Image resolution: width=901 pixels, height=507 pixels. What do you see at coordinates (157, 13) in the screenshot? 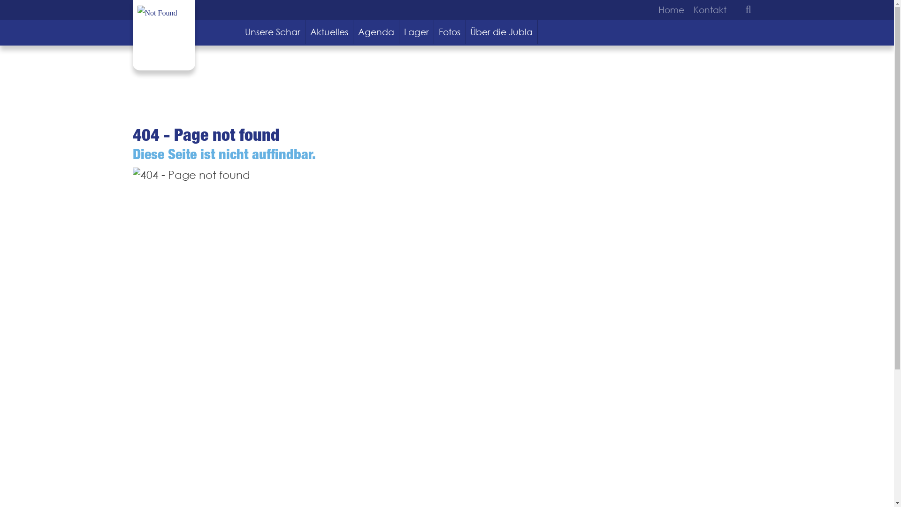
I see `'Not Found'` at bounding box center [157, 13].